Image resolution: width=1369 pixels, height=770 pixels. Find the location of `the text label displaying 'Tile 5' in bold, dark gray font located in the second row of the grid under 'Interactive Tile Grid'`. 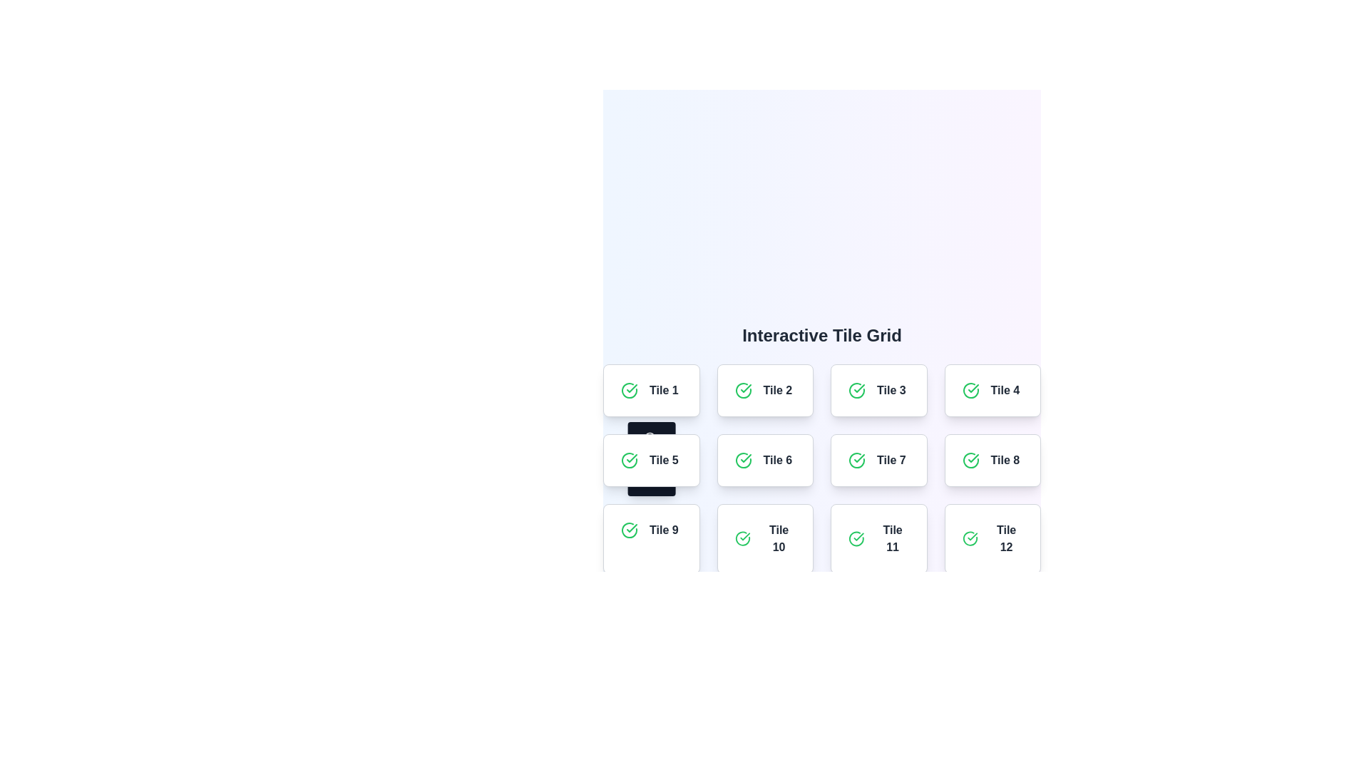

the text label displaying 'Tile 5' in bold, dark gray font located in the second row of the grid under 'Interactive Tile Grid' is located at coordinates (663, 460).